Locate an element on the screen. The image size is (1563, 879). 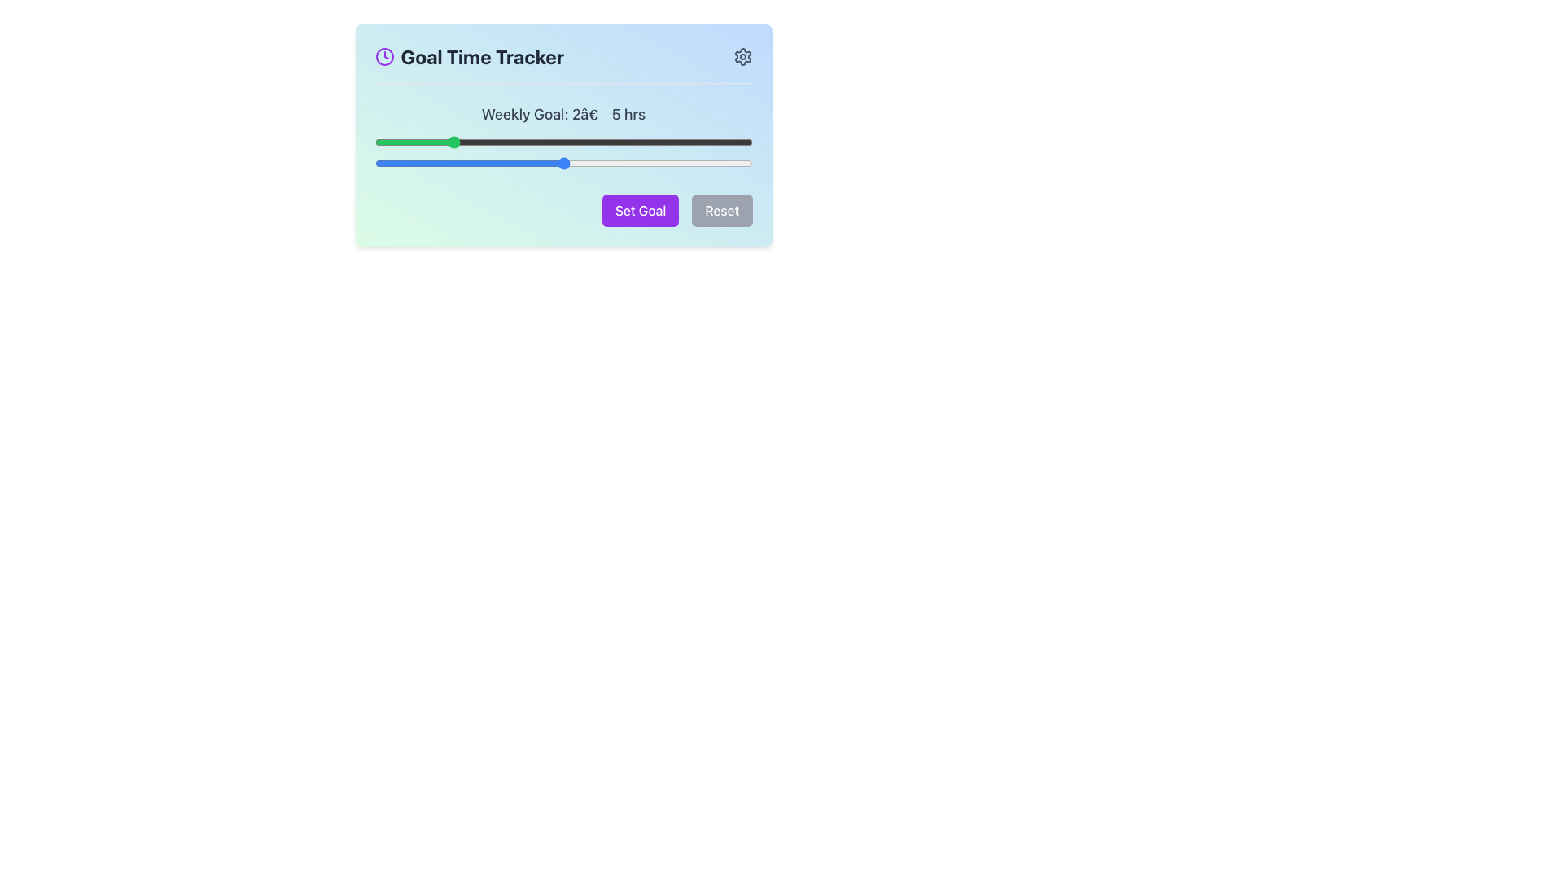
the track of the green-accented slider for selecting a range value between 0 to 10, positioned below the label 'Weekly Goal: 2–5 hrs' is located at coordinates (563, 141).